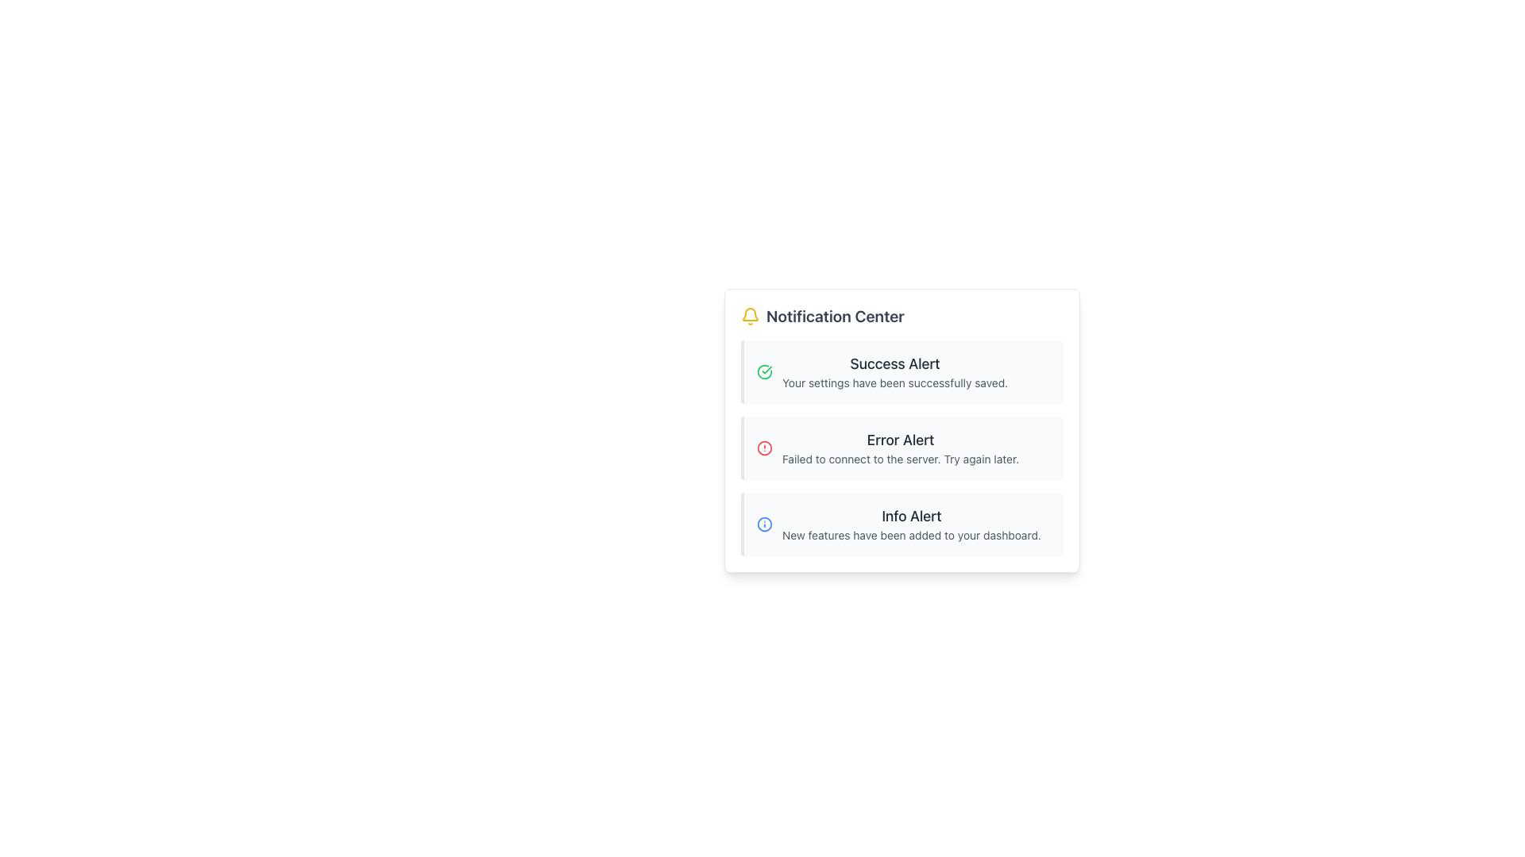 This screenshot has width=1525, height=857. Describe the element at coordinates (765, 524) in the screenshot. I see `the information alert icon located at the bottom of the 'Notification Center', positioned beside the text 'Info Alert' and 'New features have been added to your dashboard'` at that location.